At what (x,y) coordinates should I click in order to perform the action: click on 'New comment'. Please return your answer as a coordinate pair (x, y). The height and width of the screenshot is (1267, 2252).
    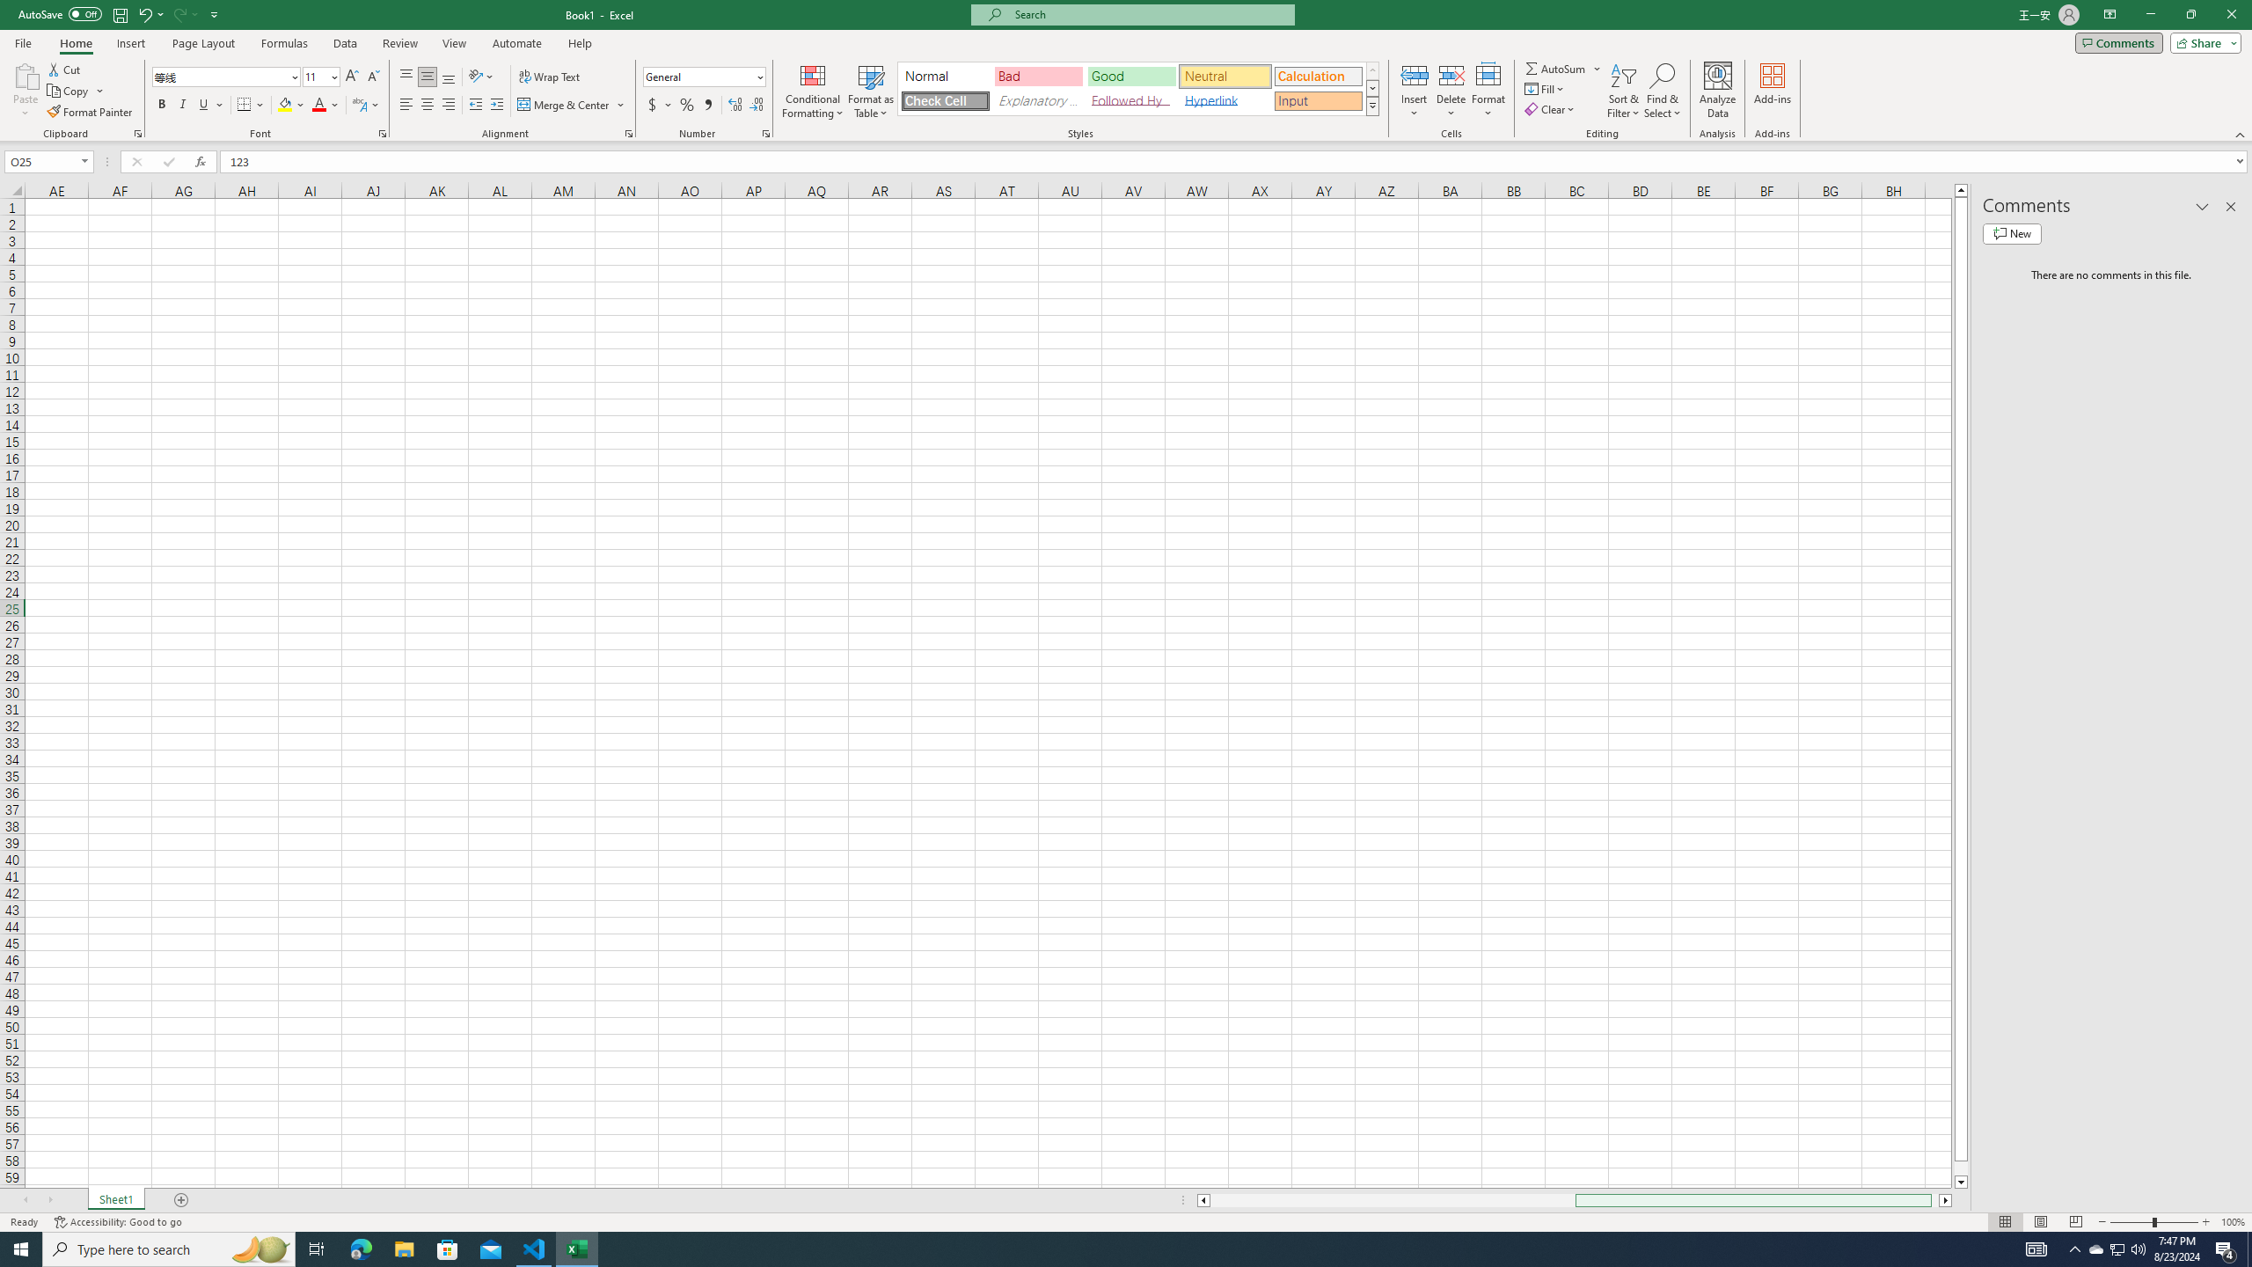
    Looking at the image, I should click on (2011, 232).